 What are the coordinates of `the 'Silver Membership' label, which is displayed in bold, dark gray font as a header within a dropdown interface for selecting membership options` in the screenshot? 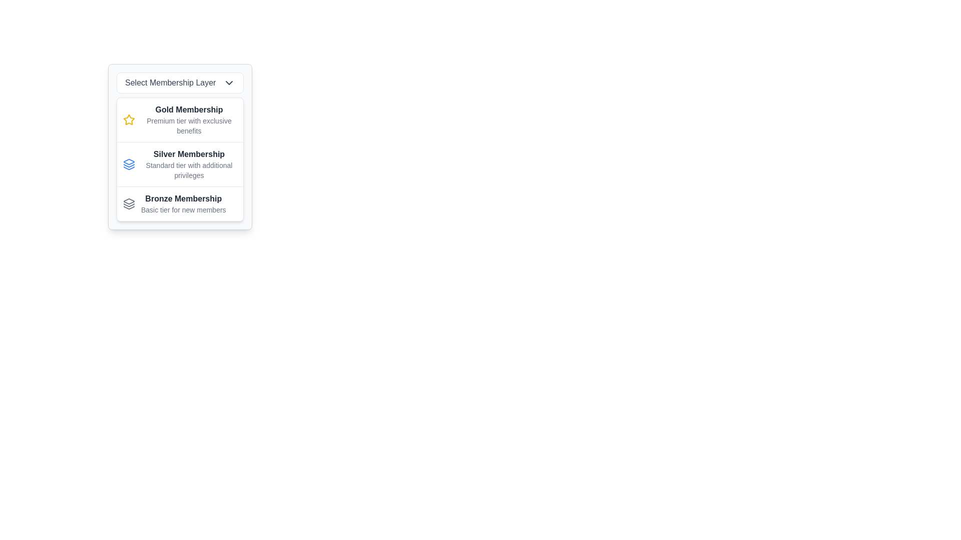 It's located at (189, 154).